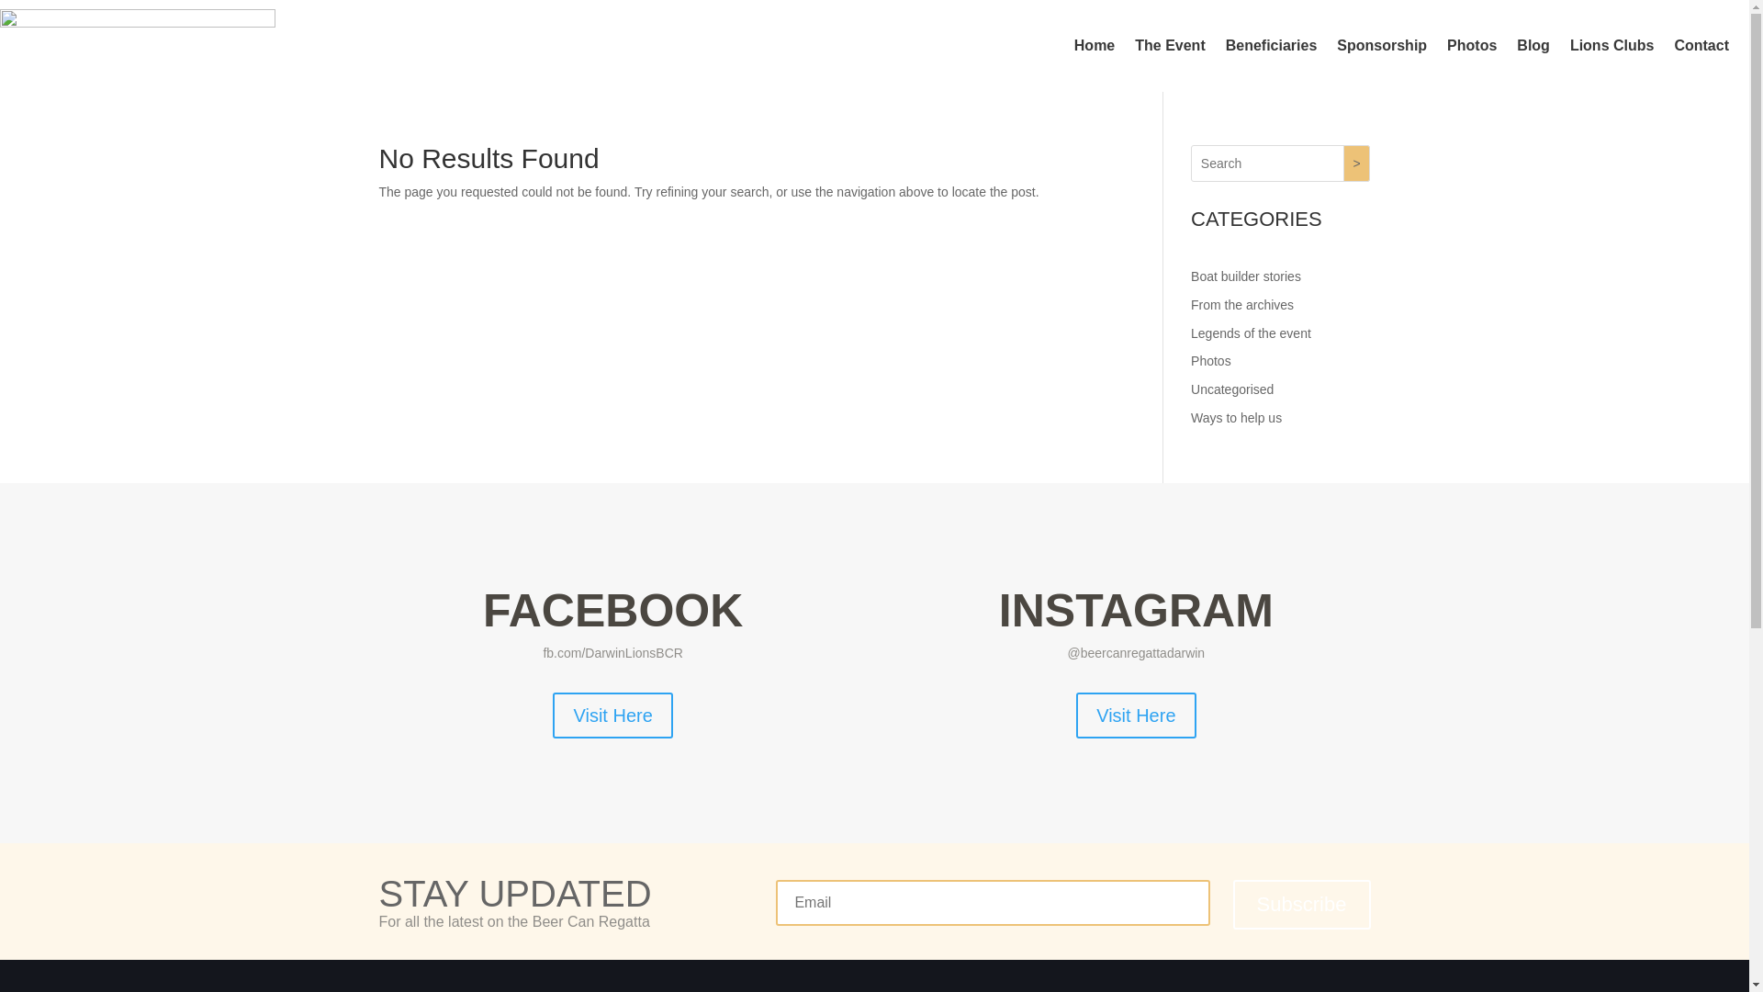 This screenshot has height=992, width=1763. I want to click on '>', so click(1357, 162).